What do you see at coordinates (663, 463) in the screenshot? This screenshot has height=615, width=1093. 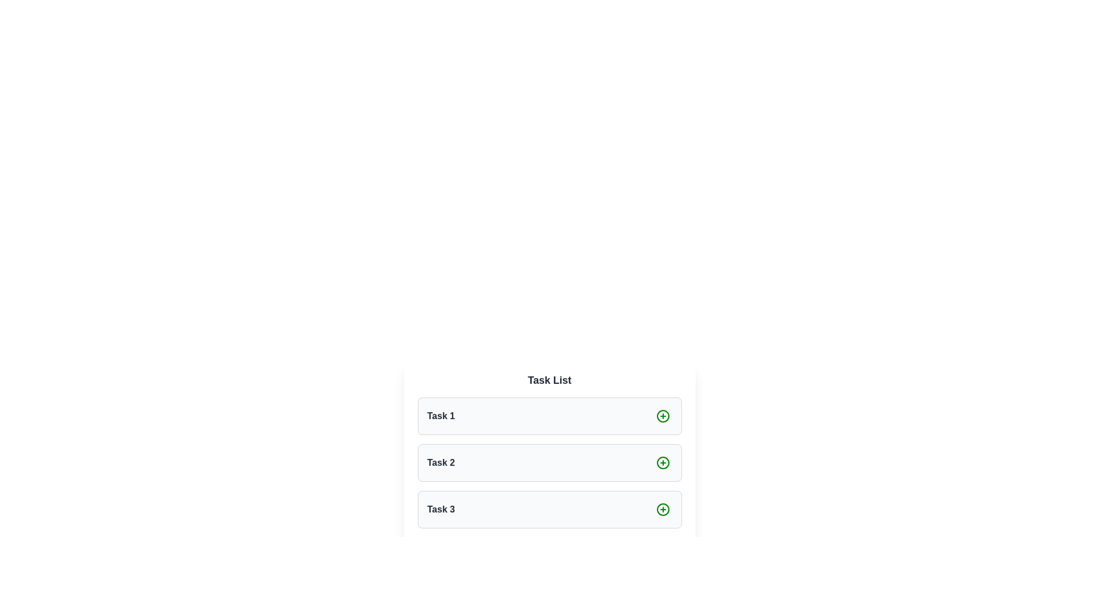 I see `the button located to the far right of the second task item` at bounding box center [663, 463].